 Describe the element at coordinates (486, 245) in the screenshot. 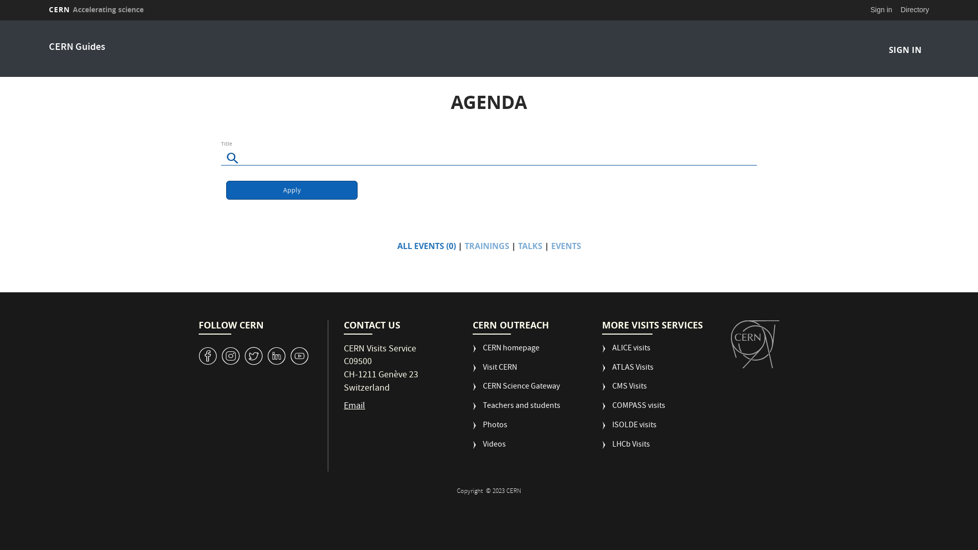

I see `'TRAININGS'` at that location.